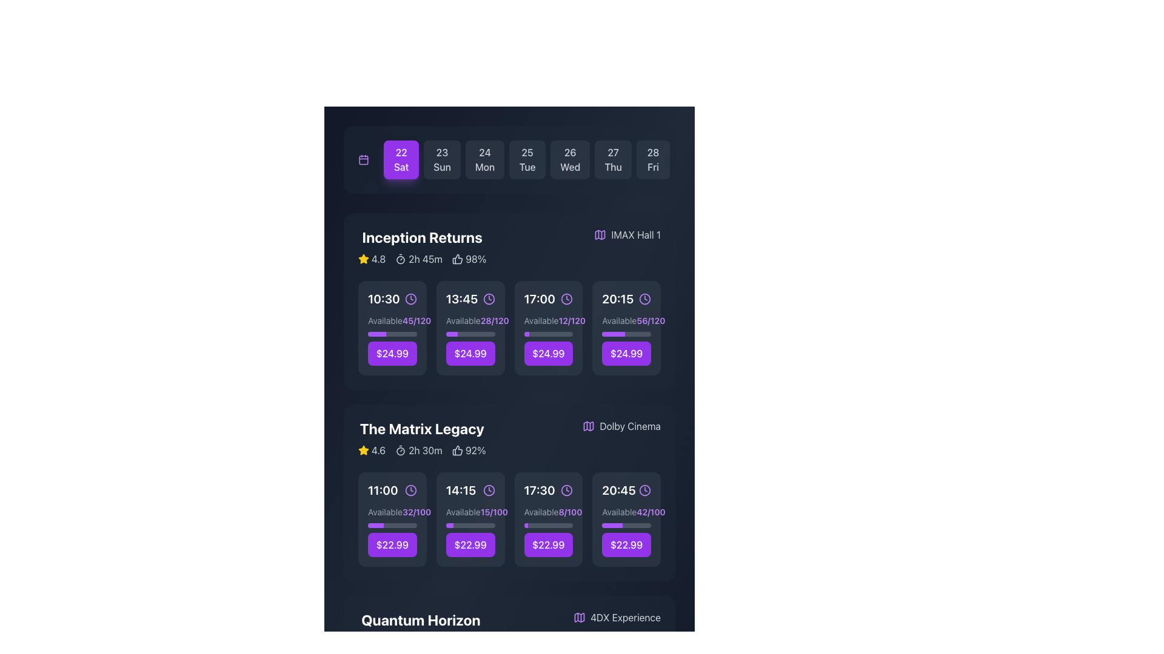 Image resolution: width=1164 pixels, height=654 pixels. What do you see at coordinates (422, 259) in the screenshot?
I see `the Data Display Component in the 'Inception Returns' section to interact with nearby elements for further actions` at bounding box center [422, 259].